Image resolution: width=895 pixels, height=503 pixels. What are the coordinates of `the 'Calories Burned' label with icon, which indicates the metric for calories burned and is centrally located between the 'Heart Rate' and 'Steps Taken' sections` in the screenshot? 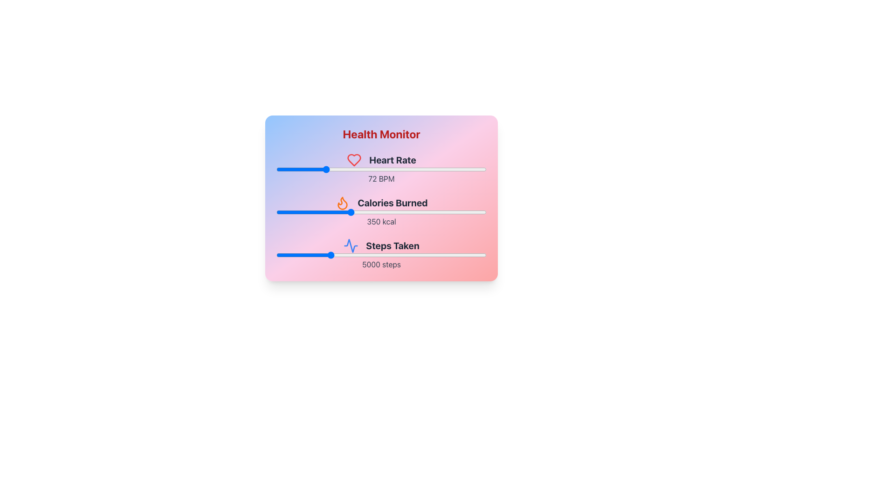 It's located at (381, 202).